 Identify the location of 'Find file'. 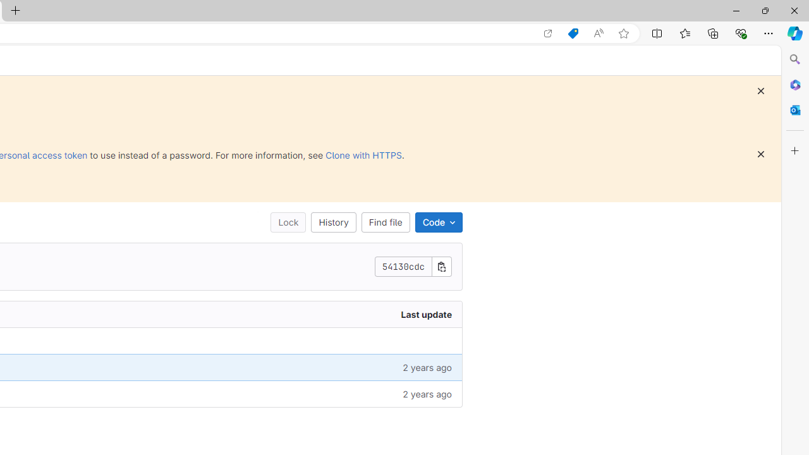
(384, 222).